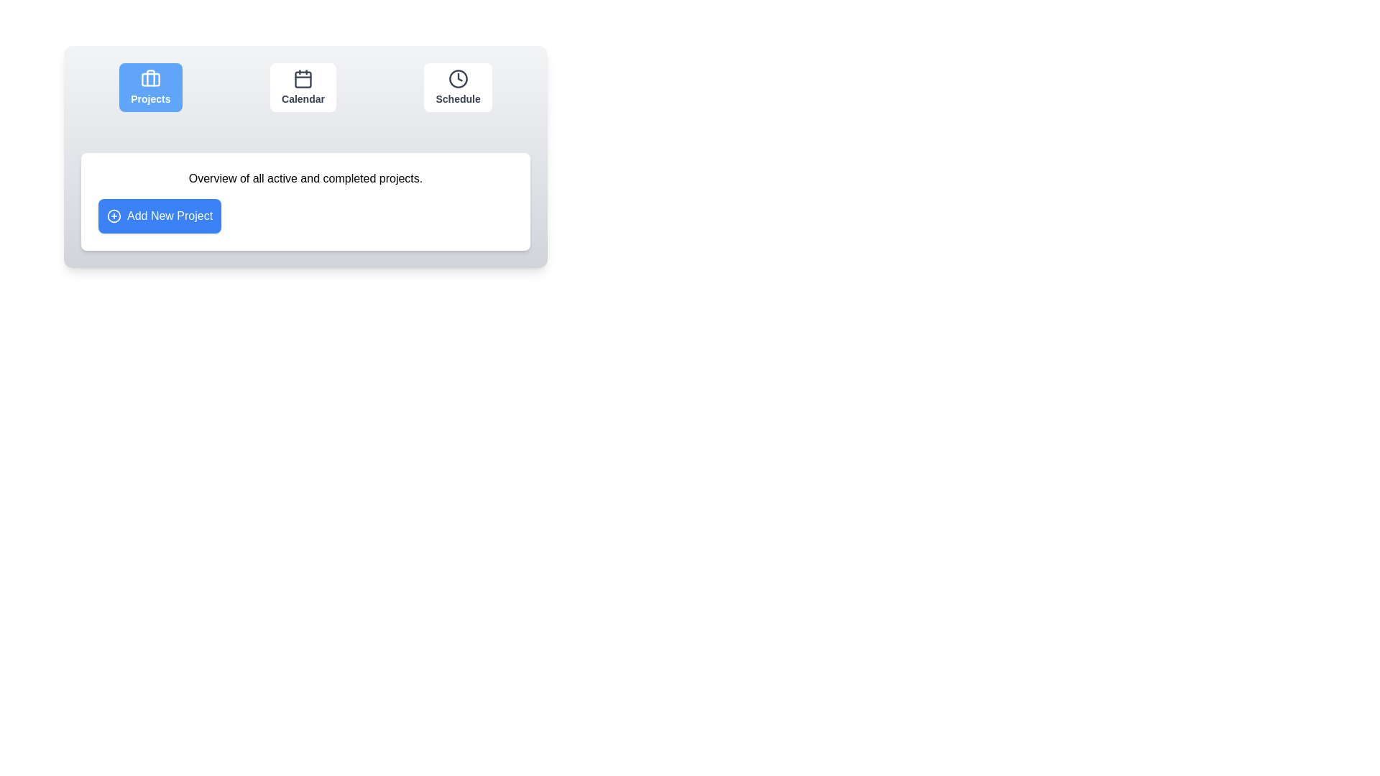 The width and height of the screenshot is (1380, 776). I want to click on the Schedule tab by clicking its icon, so click(457, 88).